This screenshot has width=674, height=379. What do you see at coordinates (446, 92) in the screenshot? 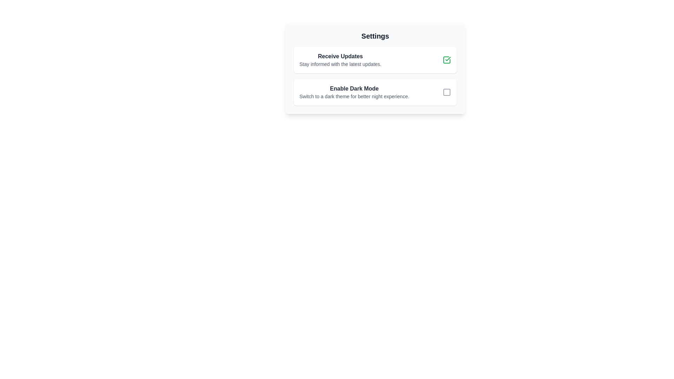
I see `the square icon with a light gray outline located to the right of the 'Enable Dark Mode' text` at bounding box center [446, 92].